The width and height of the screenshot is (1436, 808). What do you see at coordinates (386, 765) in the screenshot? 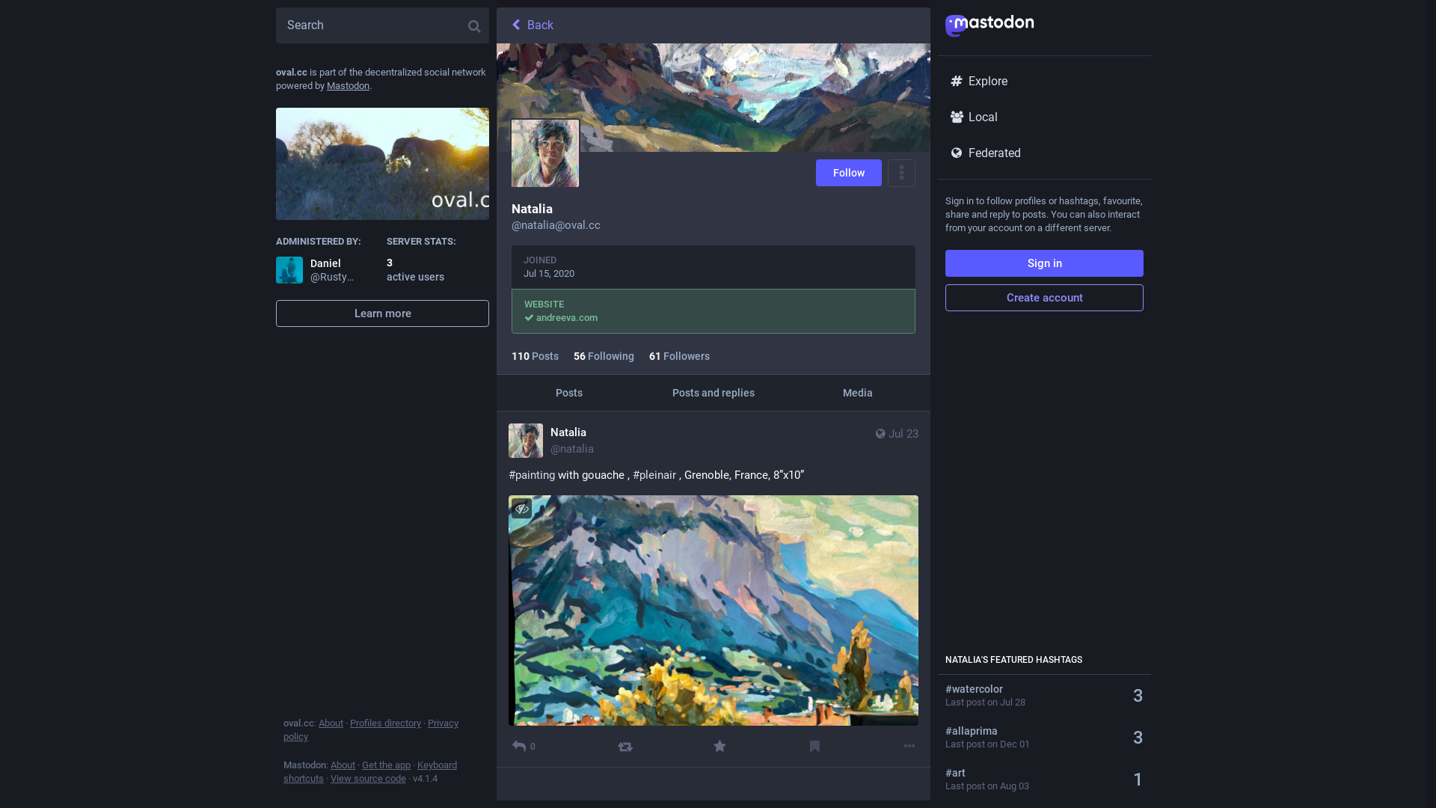
I see `'Get the app'` at bounding box center [386, 765].